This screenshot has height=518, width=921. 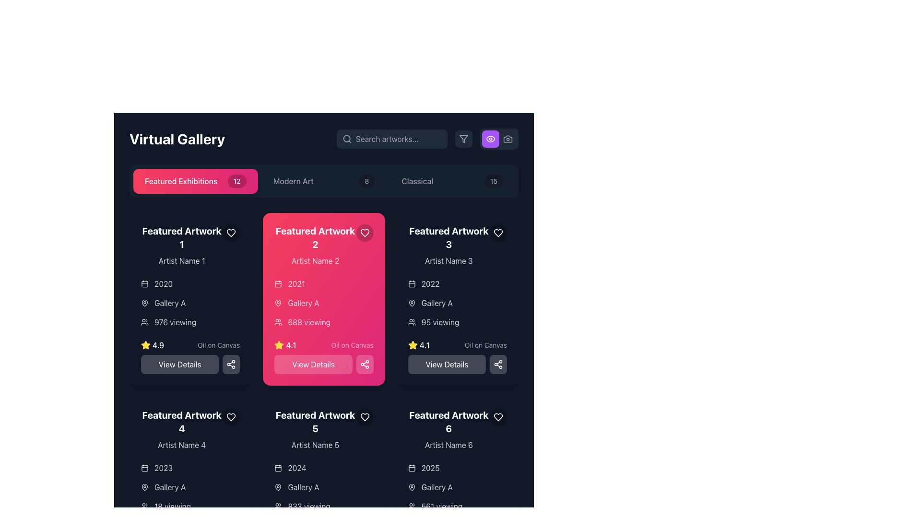 What do you see at coordinates (324, 303) in the screenshot?
I see `information presented in the informational component displaying '2021', 'Gallery A', and '688 viewing' with associated icons, located in the card for 'Featured Artwork 2' in the gallery grid layout` at bounding box center [324, 303].